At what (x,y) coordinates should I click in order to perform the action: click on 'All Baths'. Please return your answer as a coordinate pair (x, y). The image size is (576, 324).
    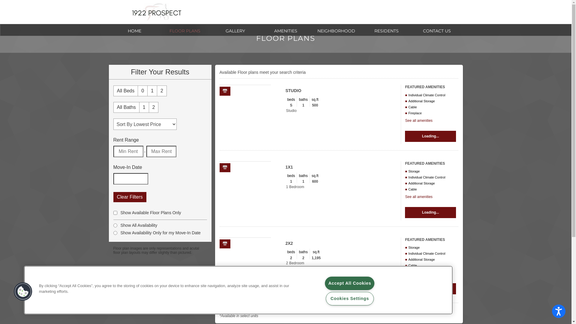
    Looking at the image, I should click on (126, 107).